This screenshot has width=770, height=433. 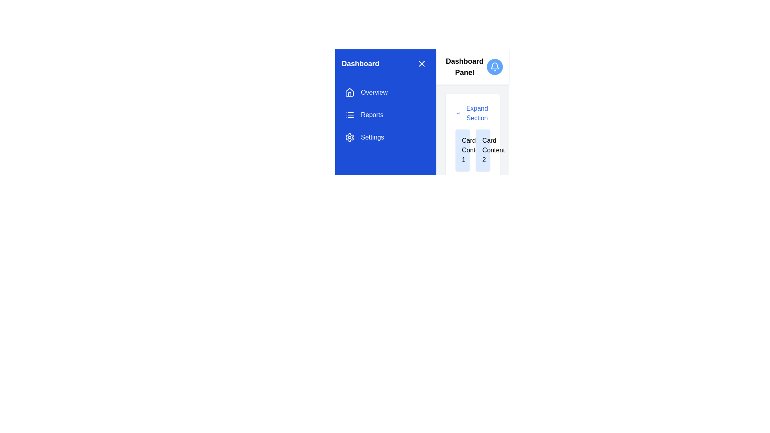 I want to click on the close button located at the top-right corner of the 'Dashboard' sidebar, so click(x=421, y=63).